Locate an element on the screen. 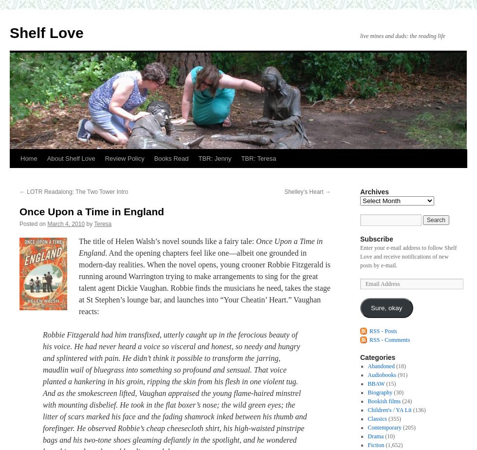  '(136)' is located at coordinates (418, 410).